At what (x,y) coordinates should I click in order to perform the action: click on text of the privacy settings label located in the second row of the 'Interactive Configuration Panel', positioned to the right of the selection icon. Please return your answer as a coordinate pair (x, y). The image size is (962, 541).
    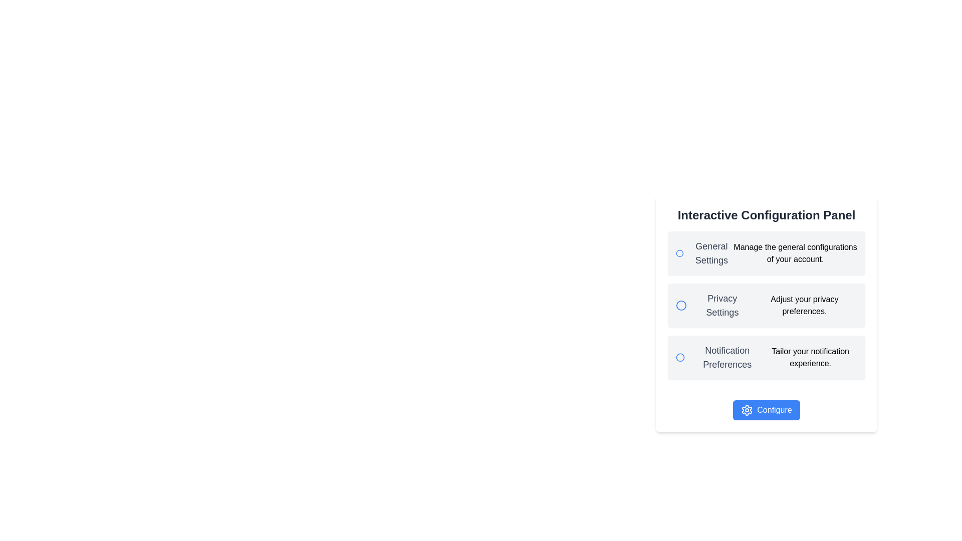
    Looking at the image, I should click on (722, 305).